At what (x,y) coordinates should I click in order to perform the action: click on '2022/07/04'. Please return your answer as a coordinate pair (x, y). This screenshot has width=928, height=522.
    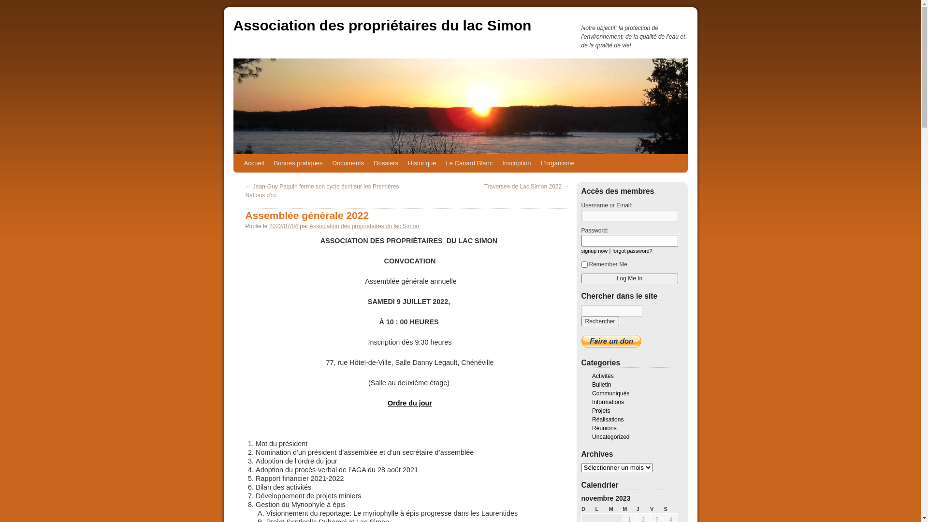
    Looking at the image, I should click on (283, 226).